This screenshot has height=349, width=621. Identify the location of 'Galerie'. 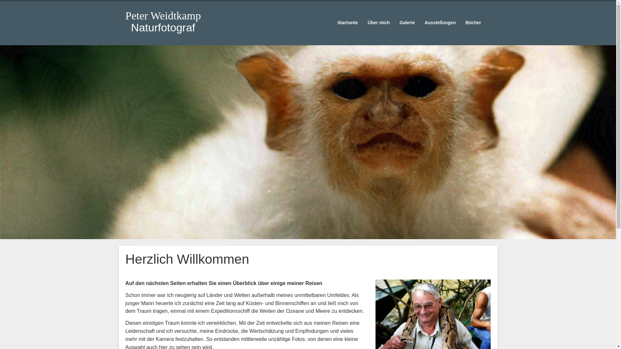
(407, 22).